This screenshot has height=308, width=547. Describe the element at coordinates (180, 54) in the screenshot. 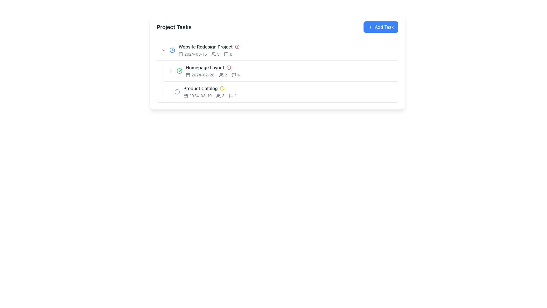

I see `the SVG rectangle with rounded corners that represents the calendar's page within the 'Website Redesign Project' task list entry` at that location.